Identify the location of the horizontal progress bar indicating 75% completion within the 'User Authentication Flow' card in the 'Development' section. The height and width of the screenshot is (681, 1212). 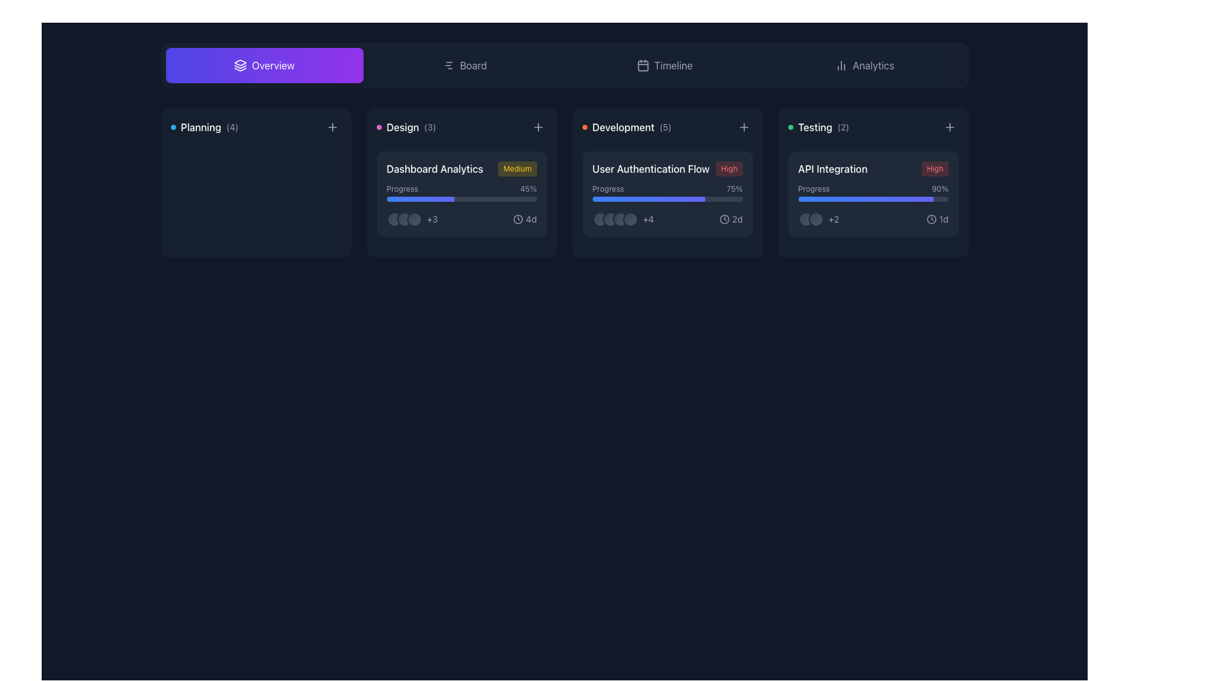
(667, 199).